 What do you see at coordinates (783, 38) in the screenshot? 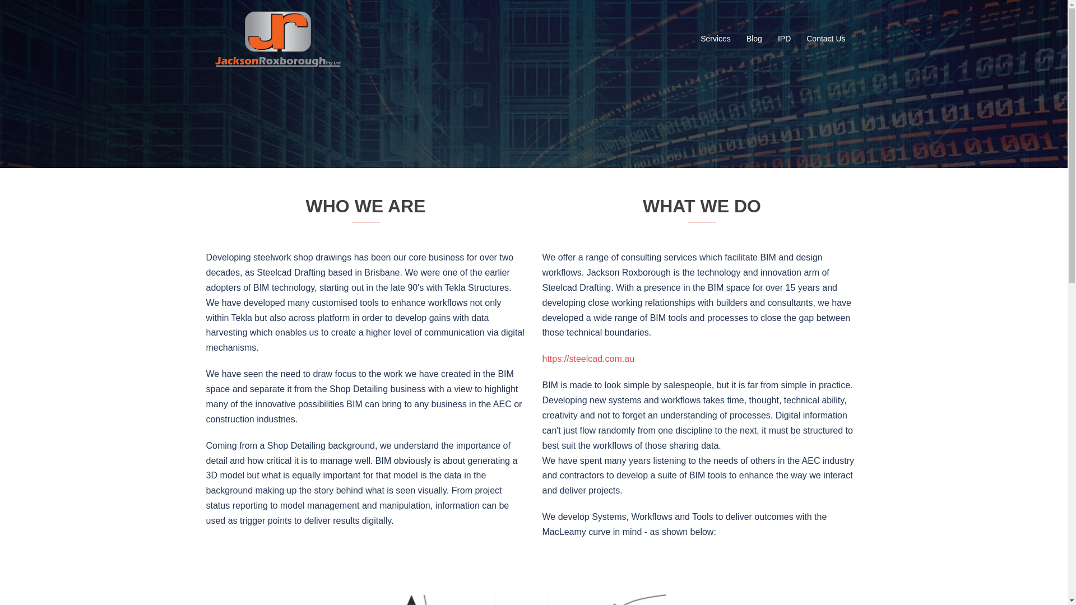
I see `'IPD'` at bounding box center [783, 38].